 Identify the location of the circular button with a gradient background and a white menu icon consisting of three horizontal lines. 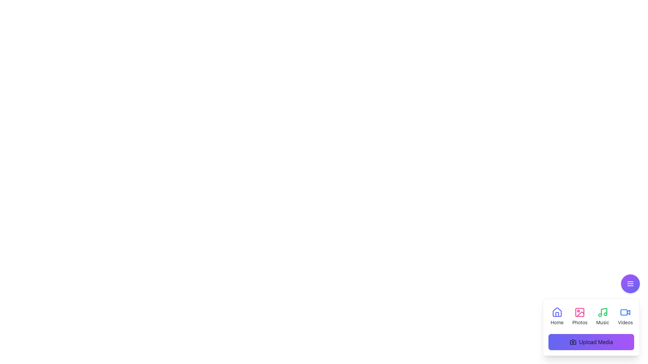
(630, 283).